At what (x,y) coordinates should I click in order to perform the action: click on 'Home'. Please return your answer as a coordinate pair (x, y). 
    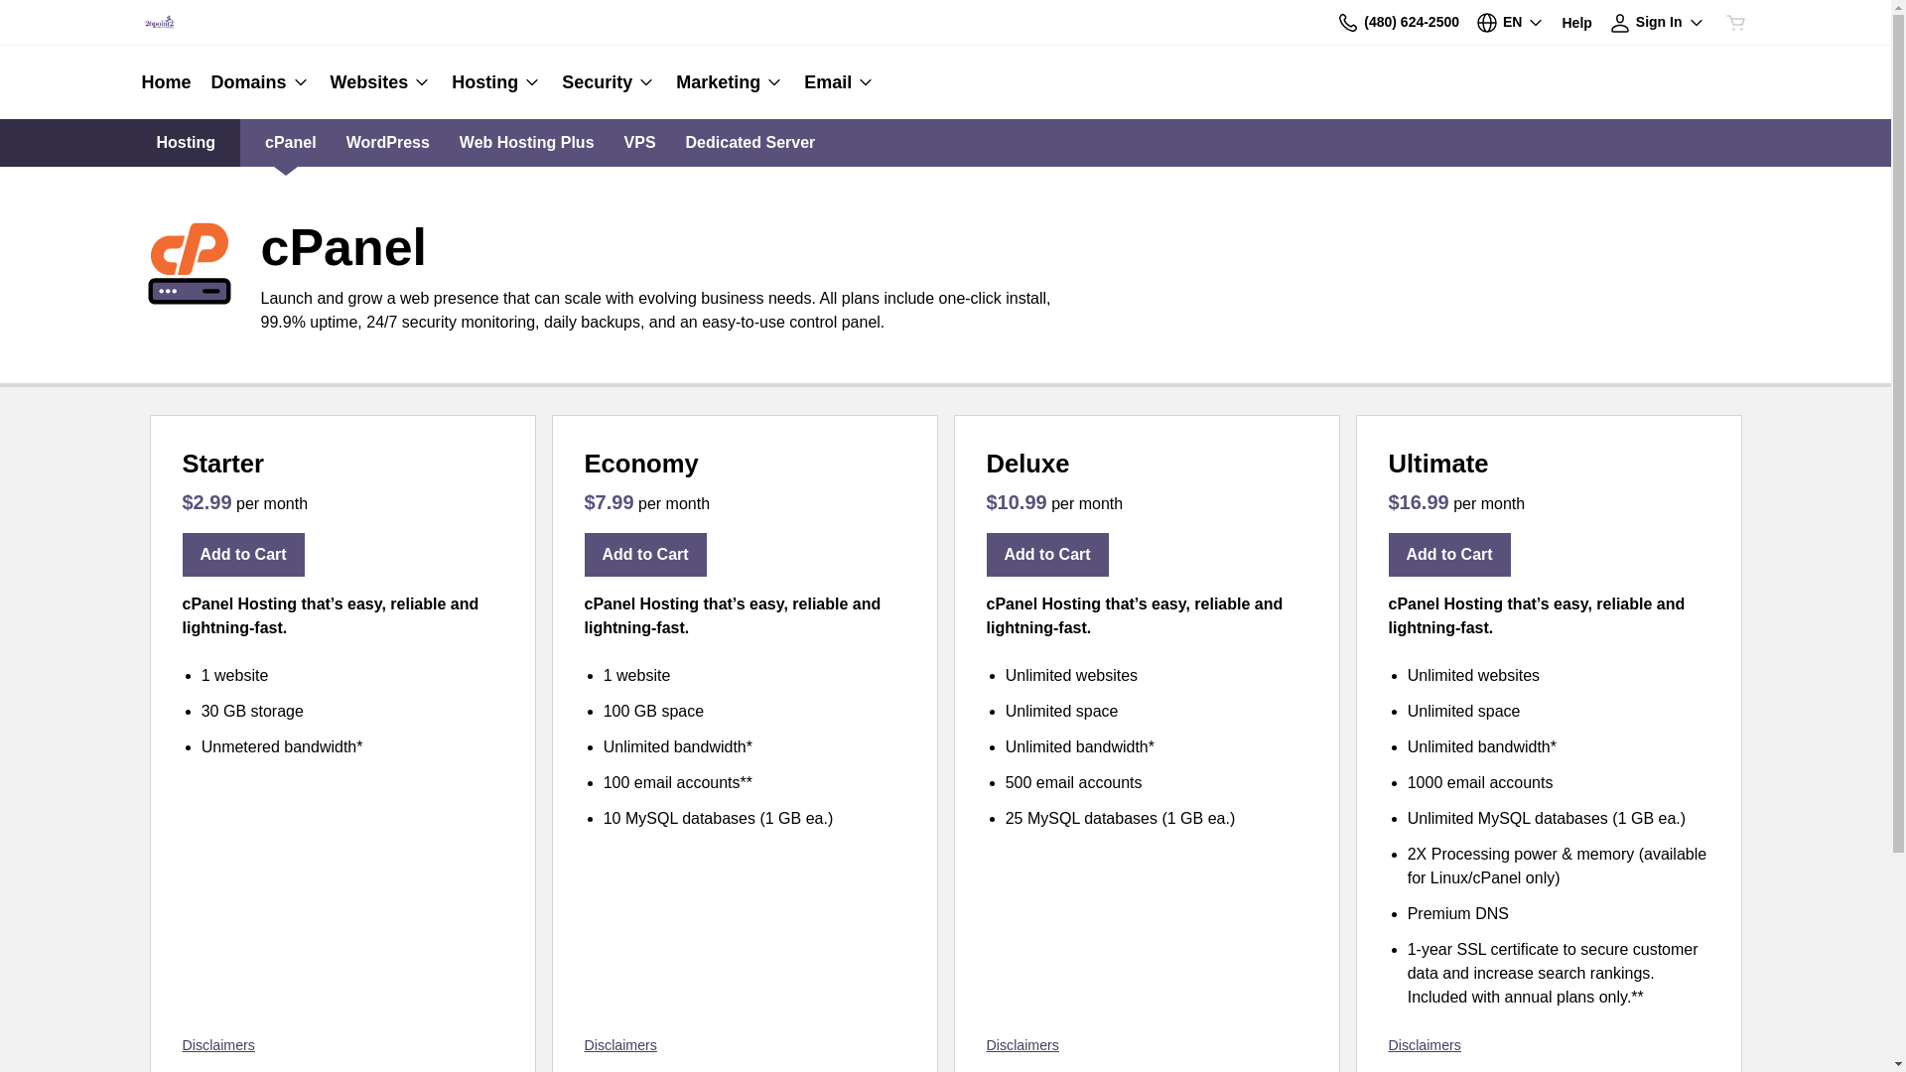
    Looking at the image, I should click on (171, 81).